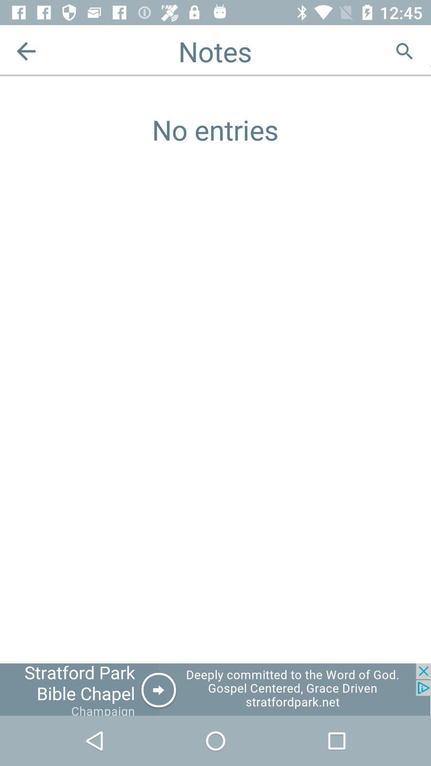  I want to click on go back, so click(26, 51).